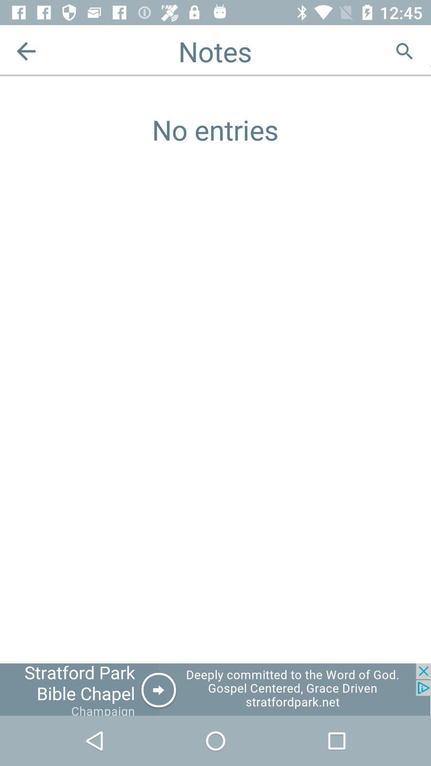  I want to click on go back, so click(26, 51).